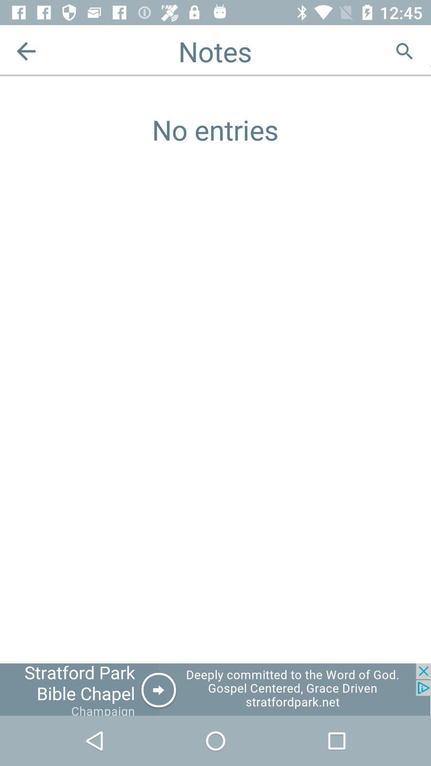  I want to click on go back, so click(26, 51).